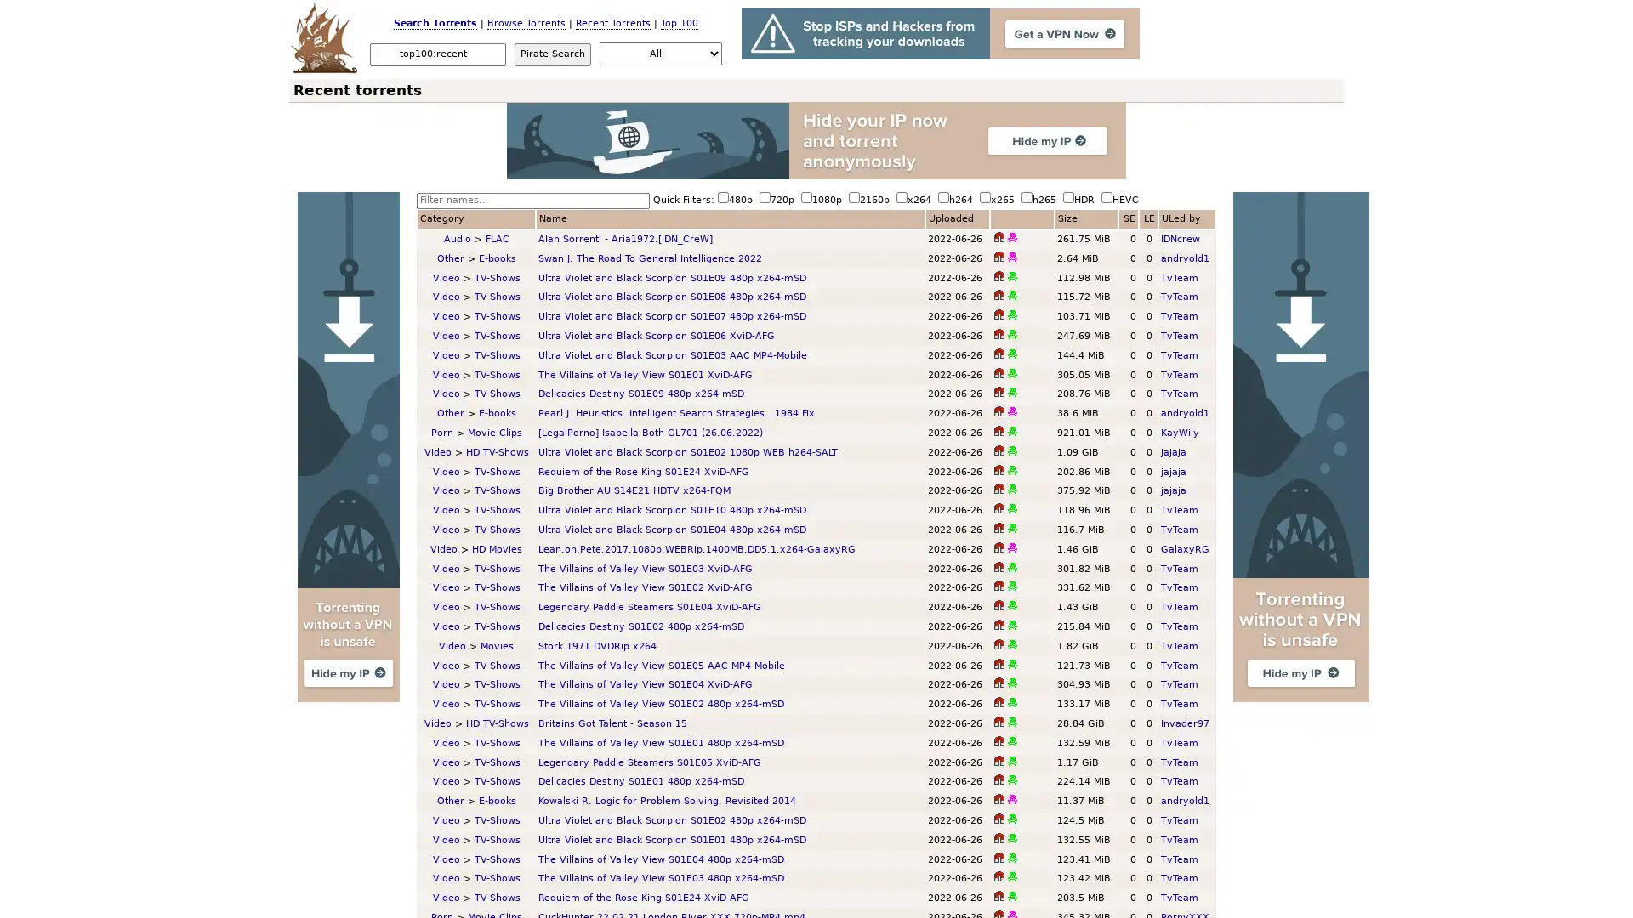 This screenshot has width=1633, height=918. What do you see at coordinates (552, 53) in the screenshot?
I see `Pirate Search` at bounding box center [552, 53].